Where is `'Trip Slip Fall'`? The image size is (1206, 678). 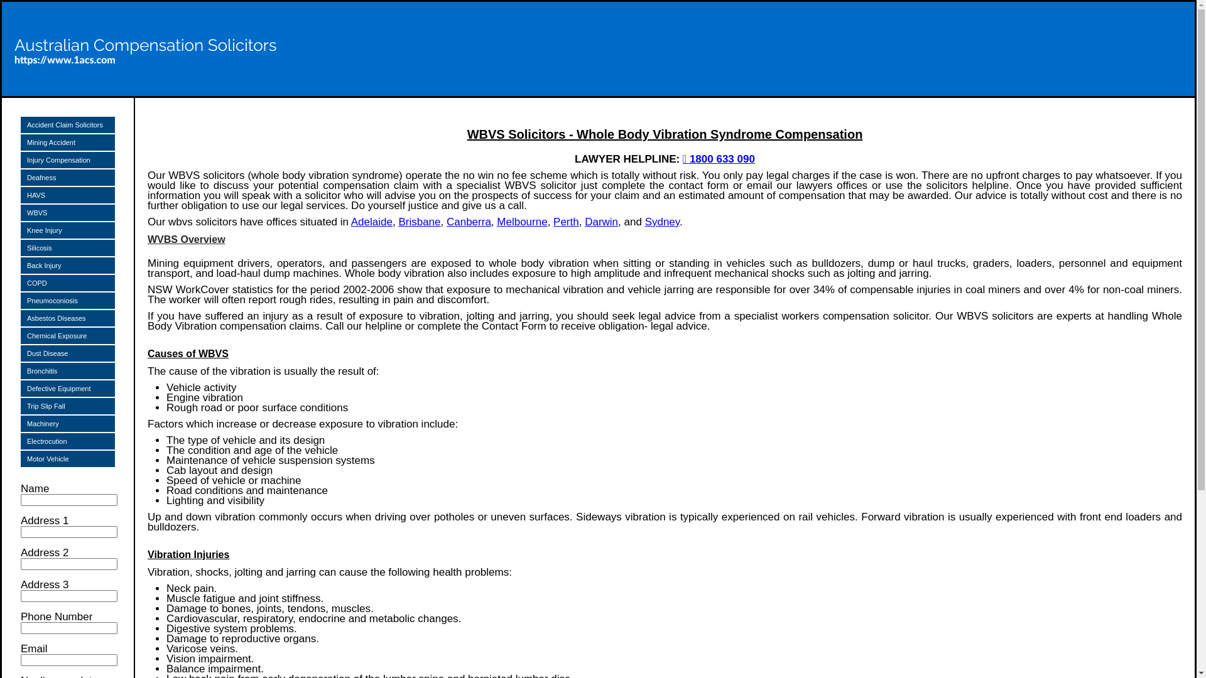
'Trip Slip Fall' is located at coordinates (67, 406).